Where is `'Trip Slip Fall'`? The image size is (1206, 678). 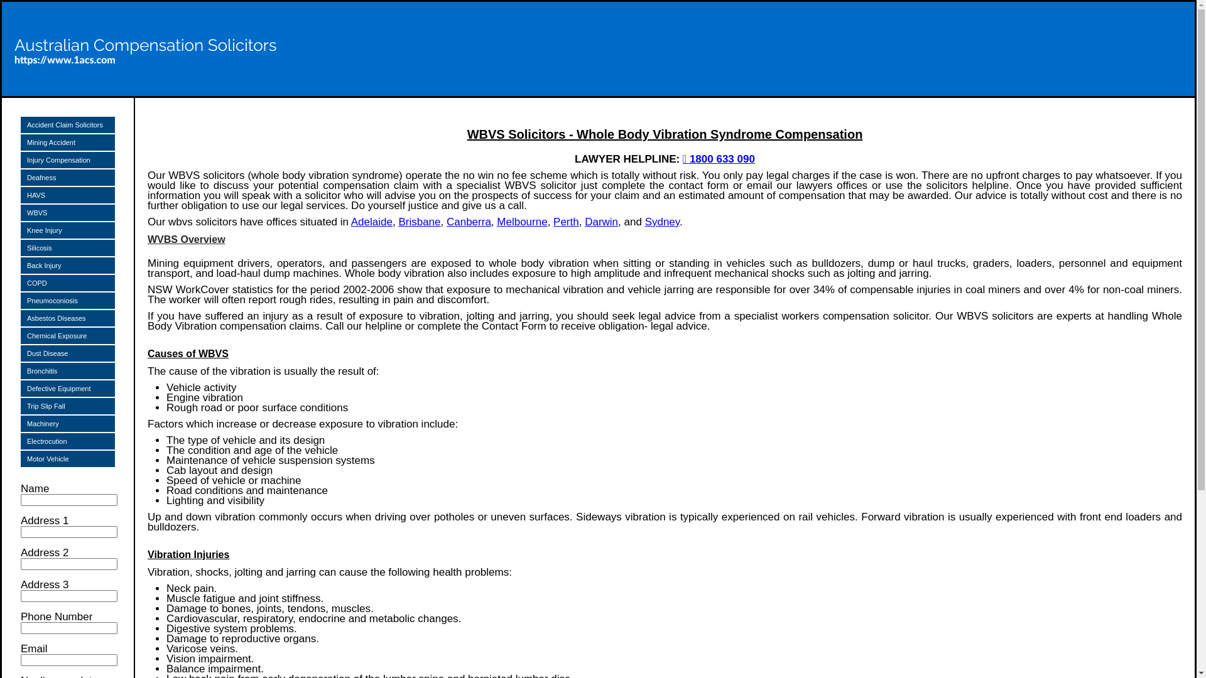
'Trip Slip Fall' is located at coordinates (67, 406).